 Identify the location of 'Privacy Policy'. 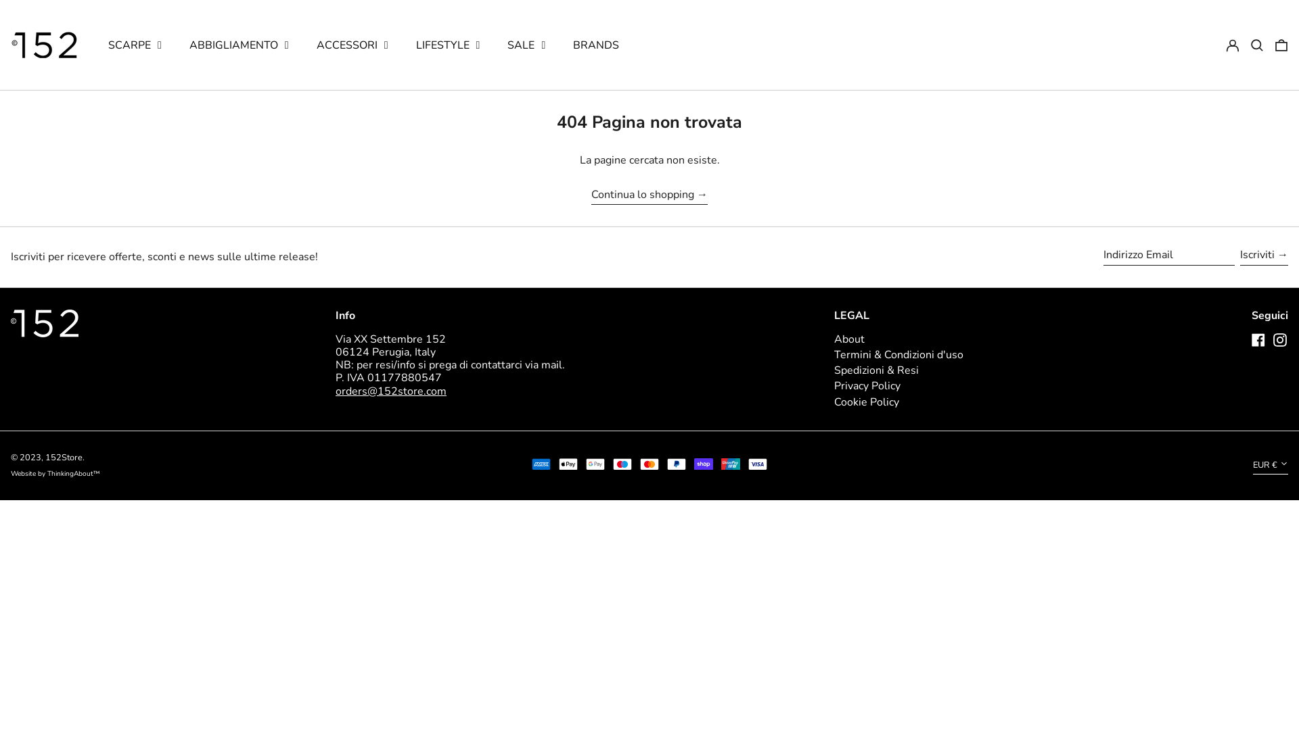
(834, 385).